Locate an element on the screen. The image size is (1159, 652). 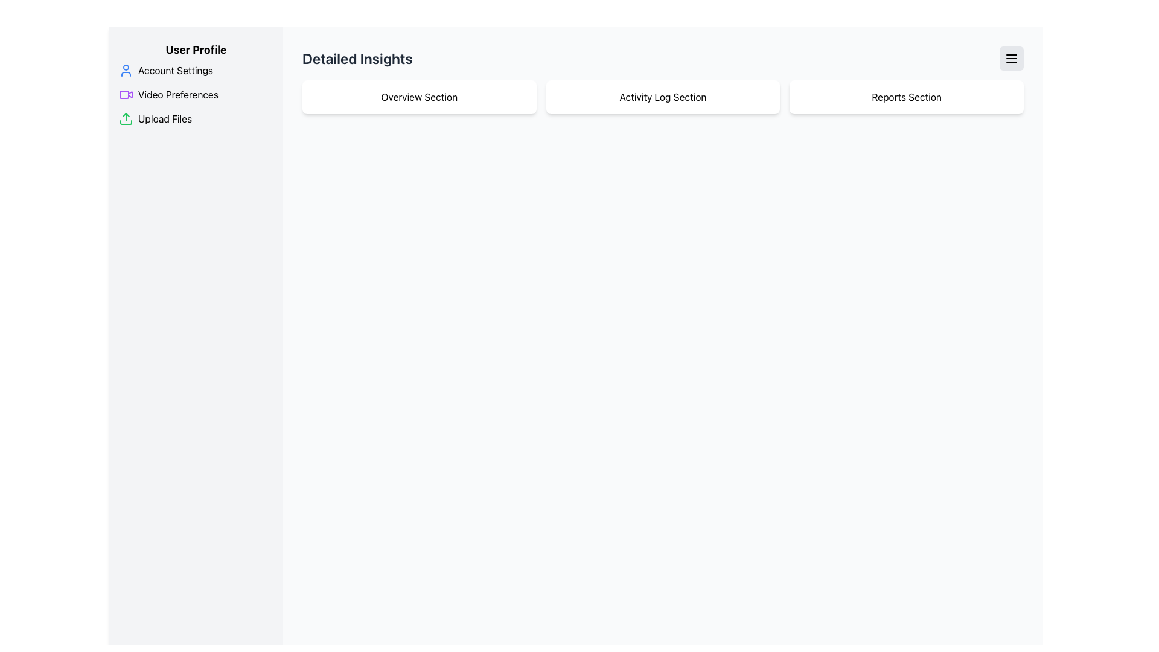
the 'Account Settings' text label located in the left sidebar navigation menu beneath the 'User Profile' header is located at coordinates (175, 70).